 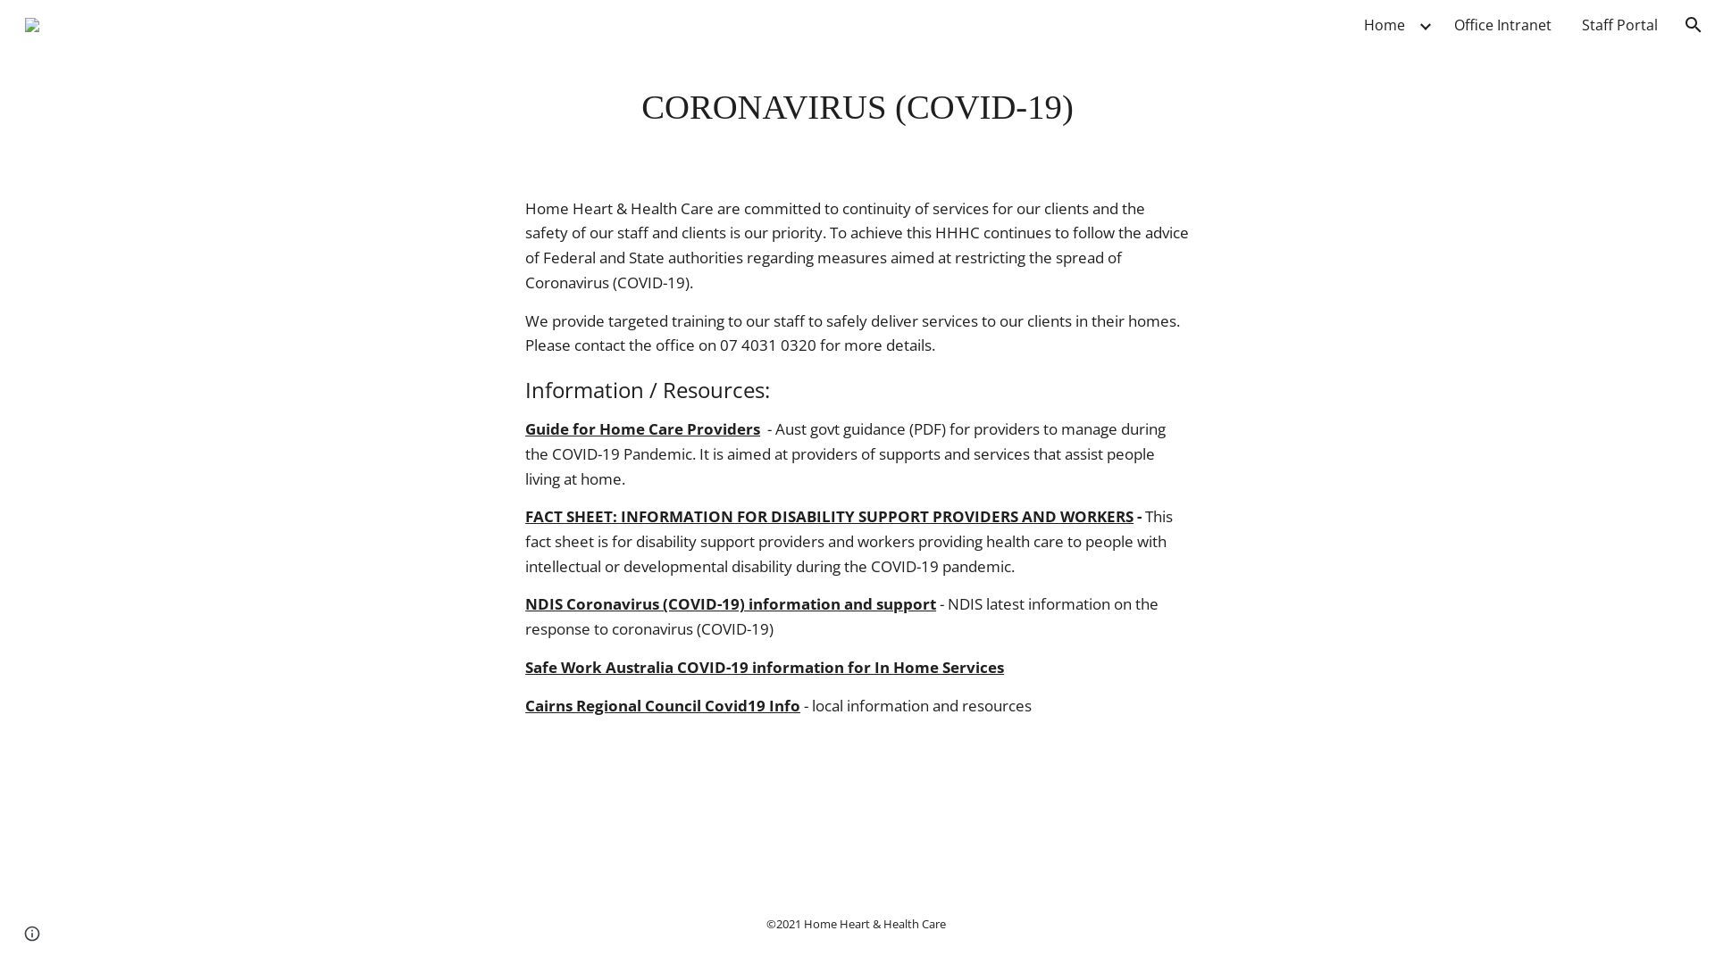 I want to click on 'NDIS Coronavirus (COVID-19) information and support', so click(x=730, y=602).